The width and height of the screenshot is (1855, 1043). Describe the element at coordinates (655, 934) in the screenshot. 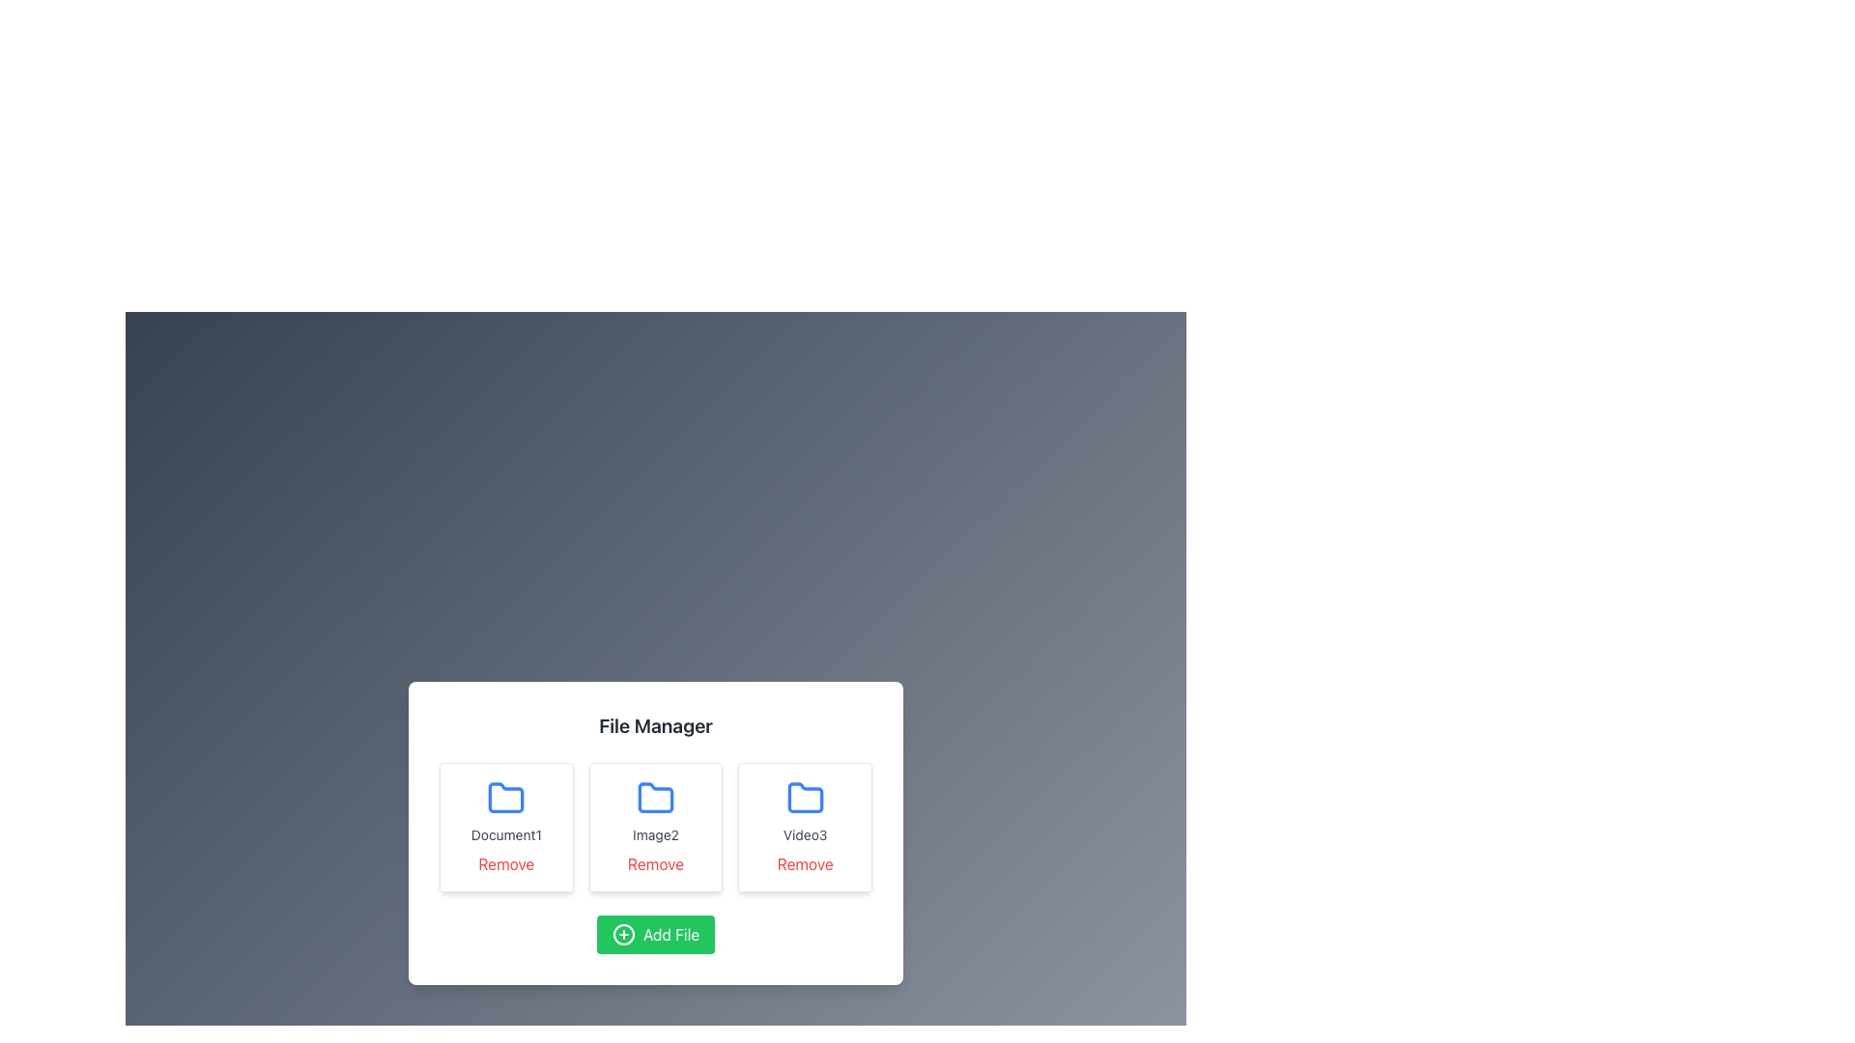

I see `the 'Add File' button with a green background and white text, which is located within the 'File Manager' card` at that location.